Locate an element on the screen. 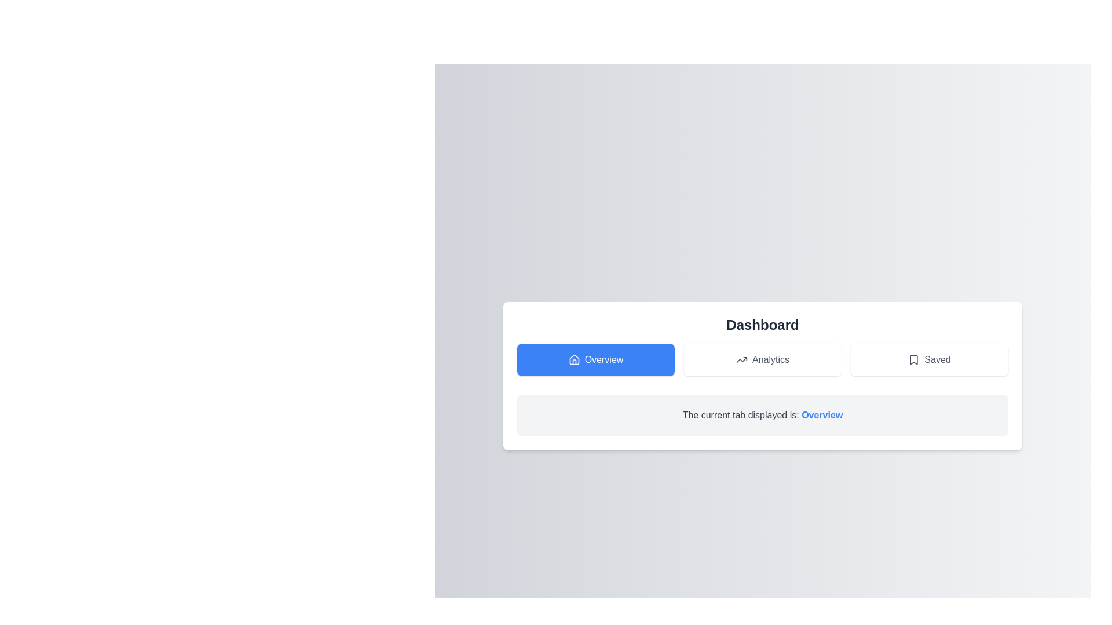 The width and height of the screenshot is (1112, 625). the 'Analytics' button which contains an upward trending graph icon, located centrally among the navigation buttons is located at coordinates (742, 359).